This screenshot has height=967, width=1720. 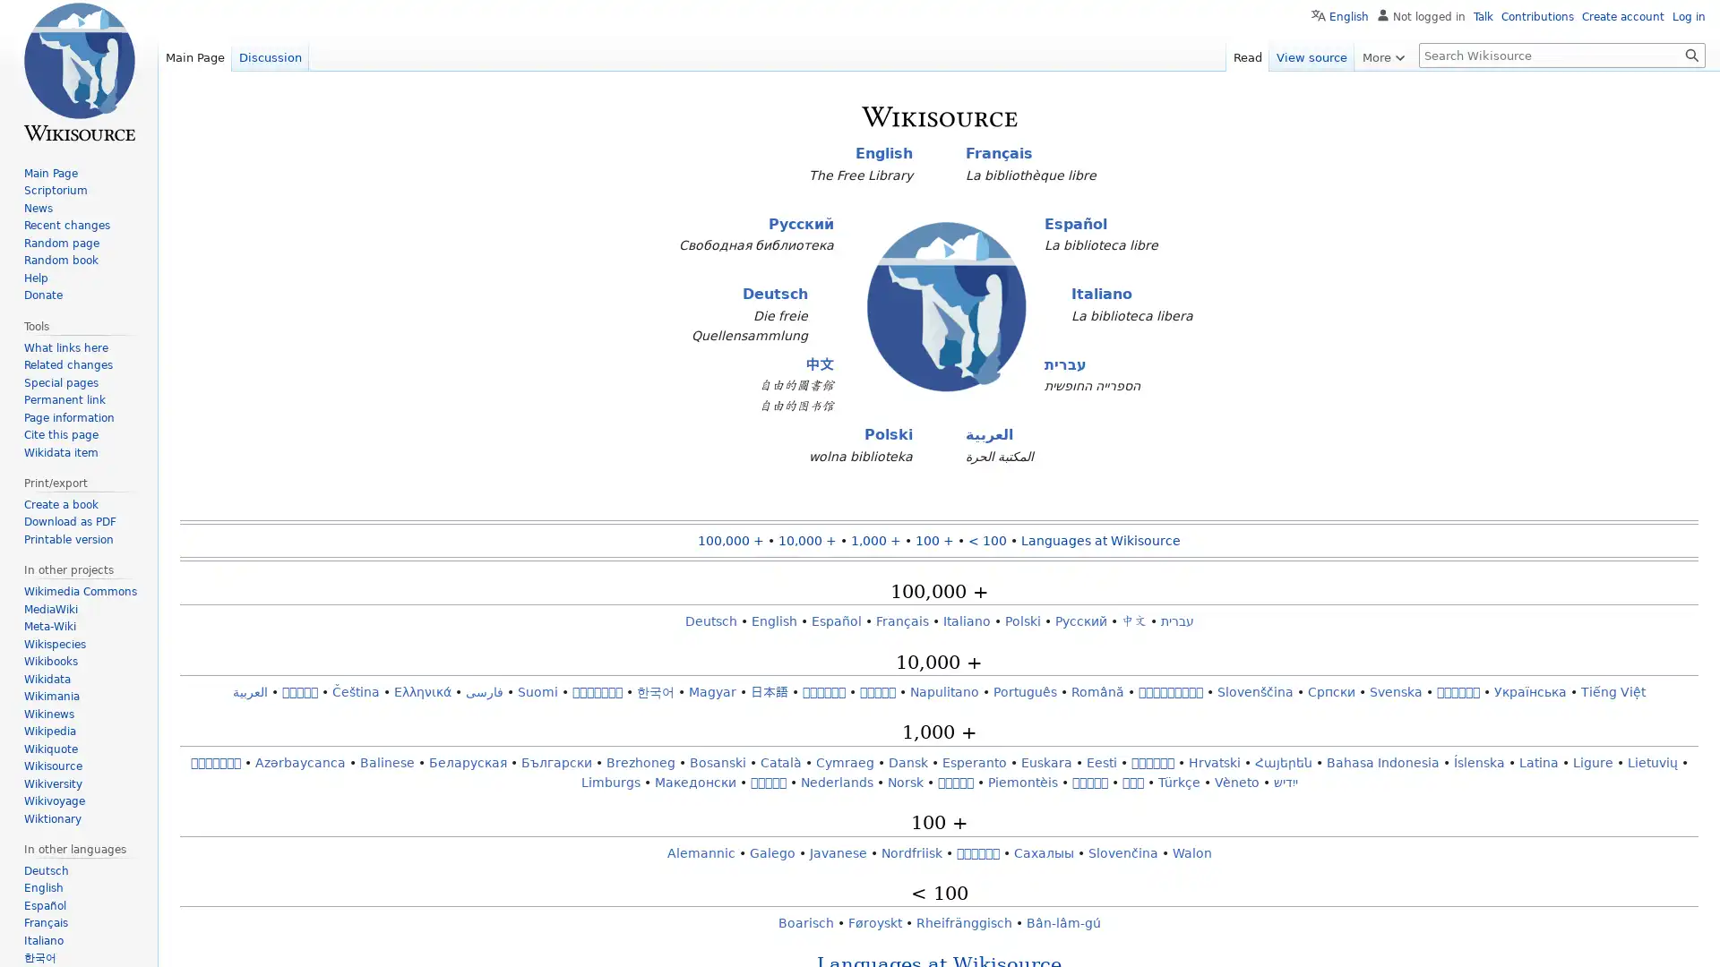 I want to click on Search, so click(x=1691, y=54).